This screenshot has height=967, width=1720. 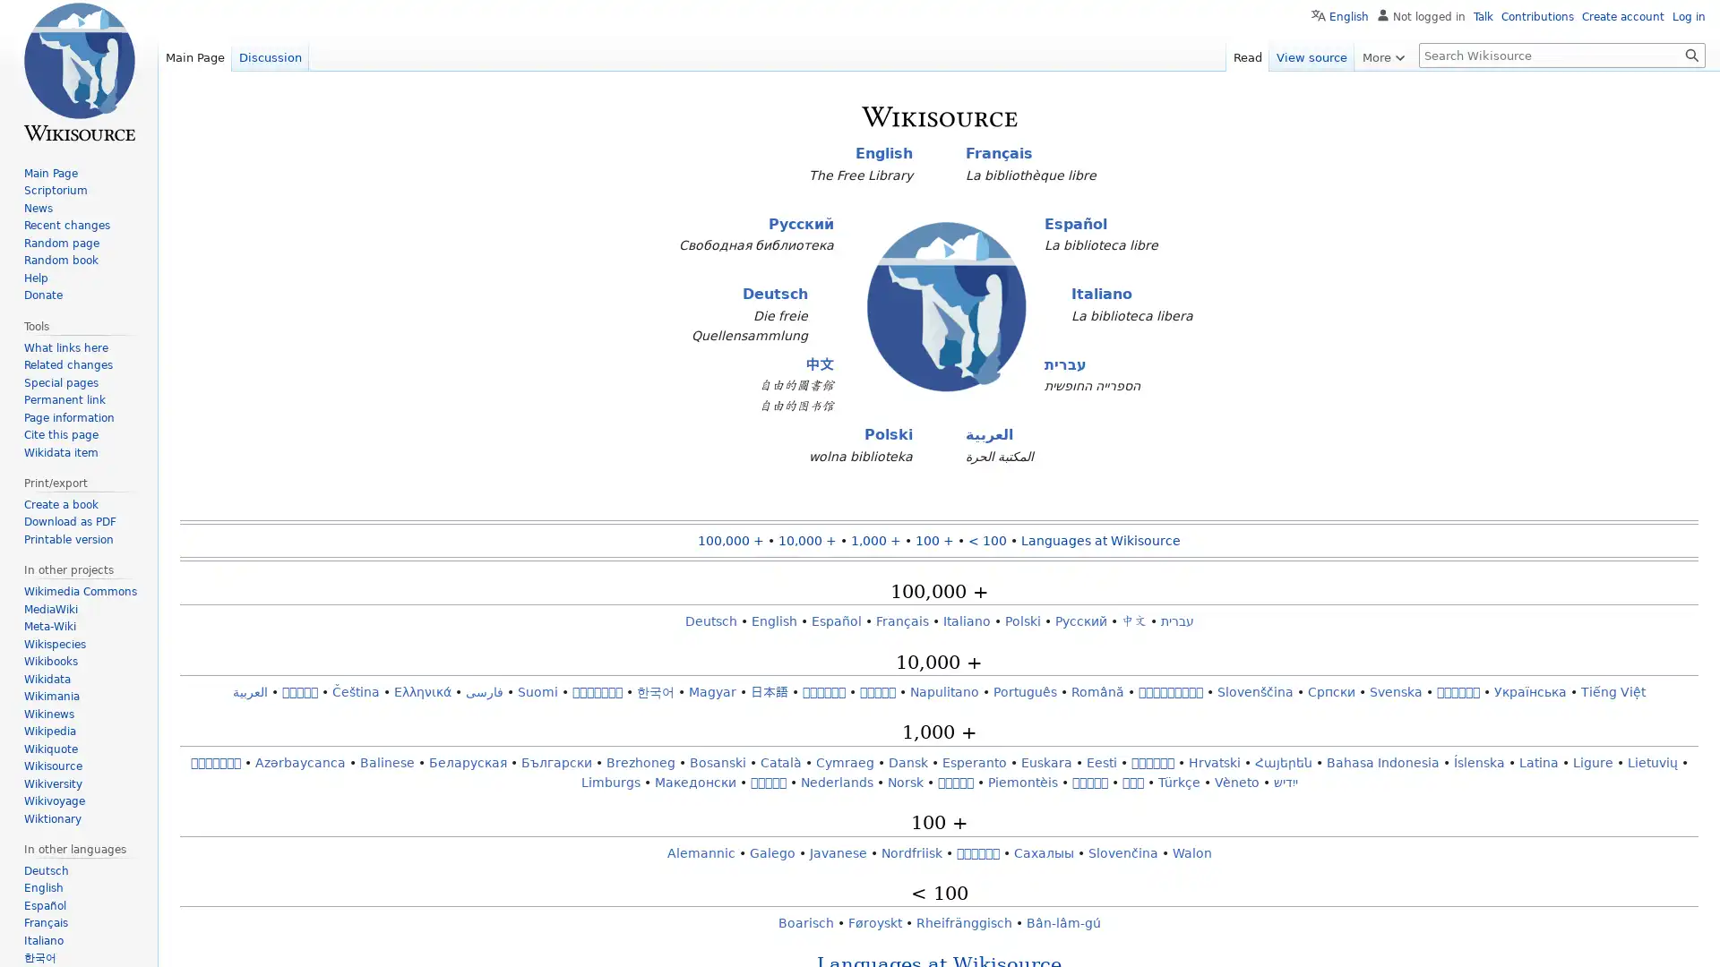 I want to click on Search, so click(x=1691, y=54).